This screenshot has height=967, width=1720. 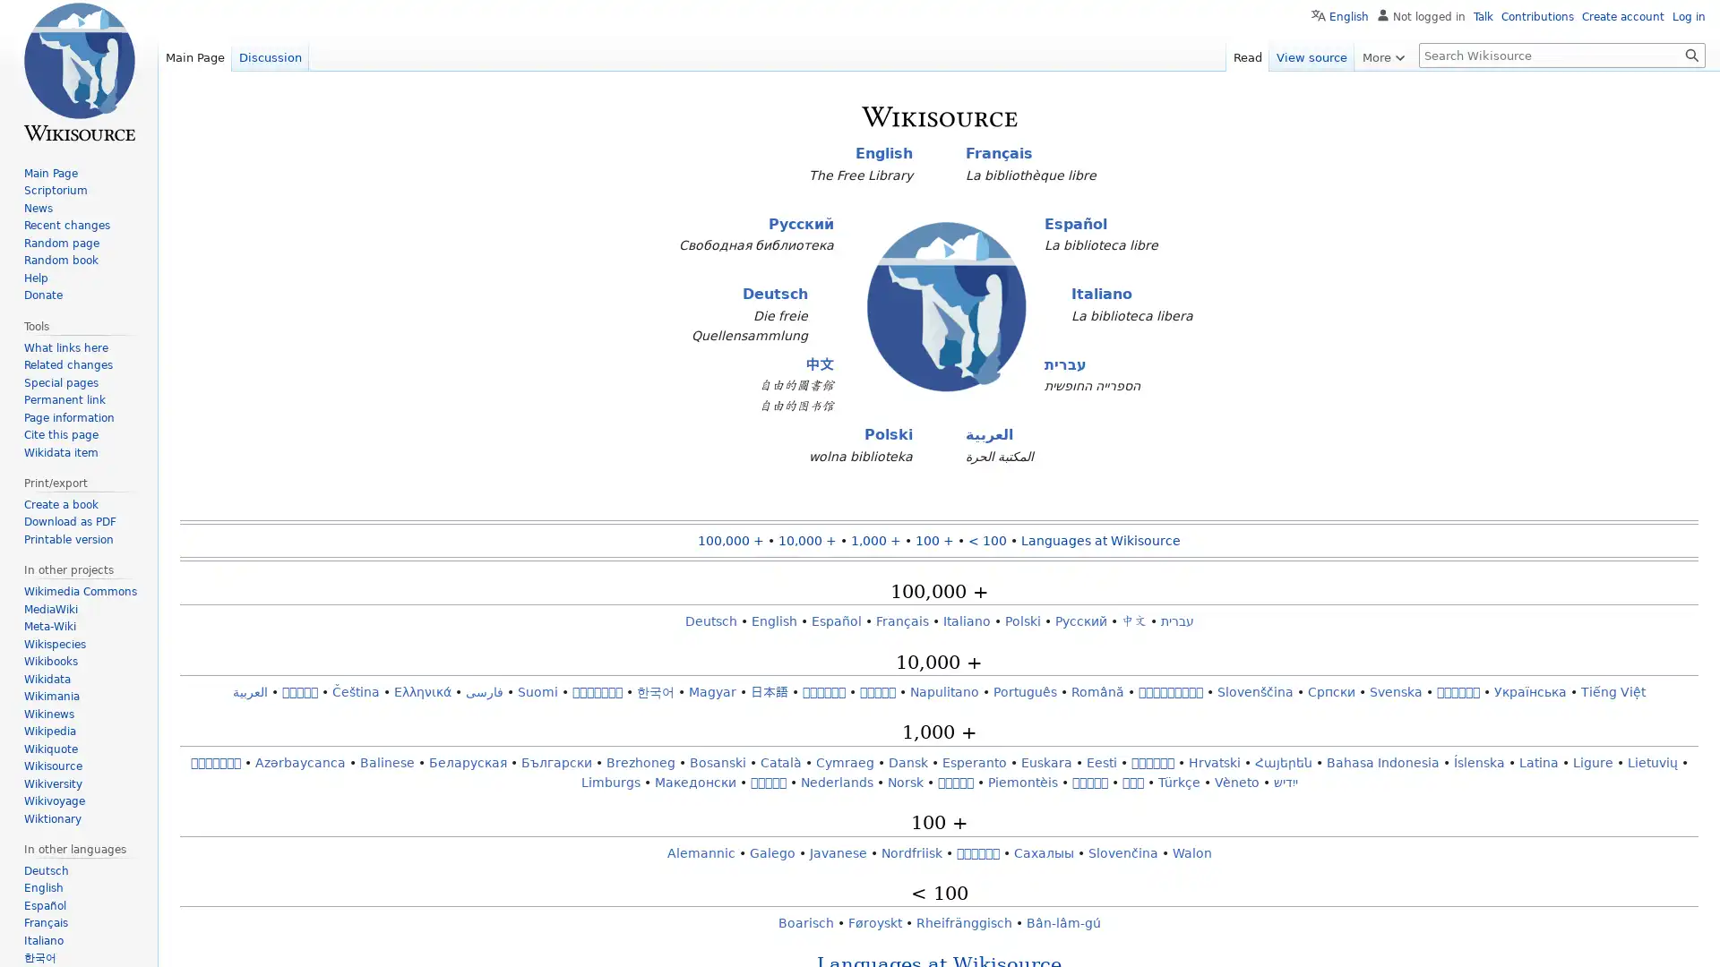 I want to click on Search, so click(x=1691, y=54).